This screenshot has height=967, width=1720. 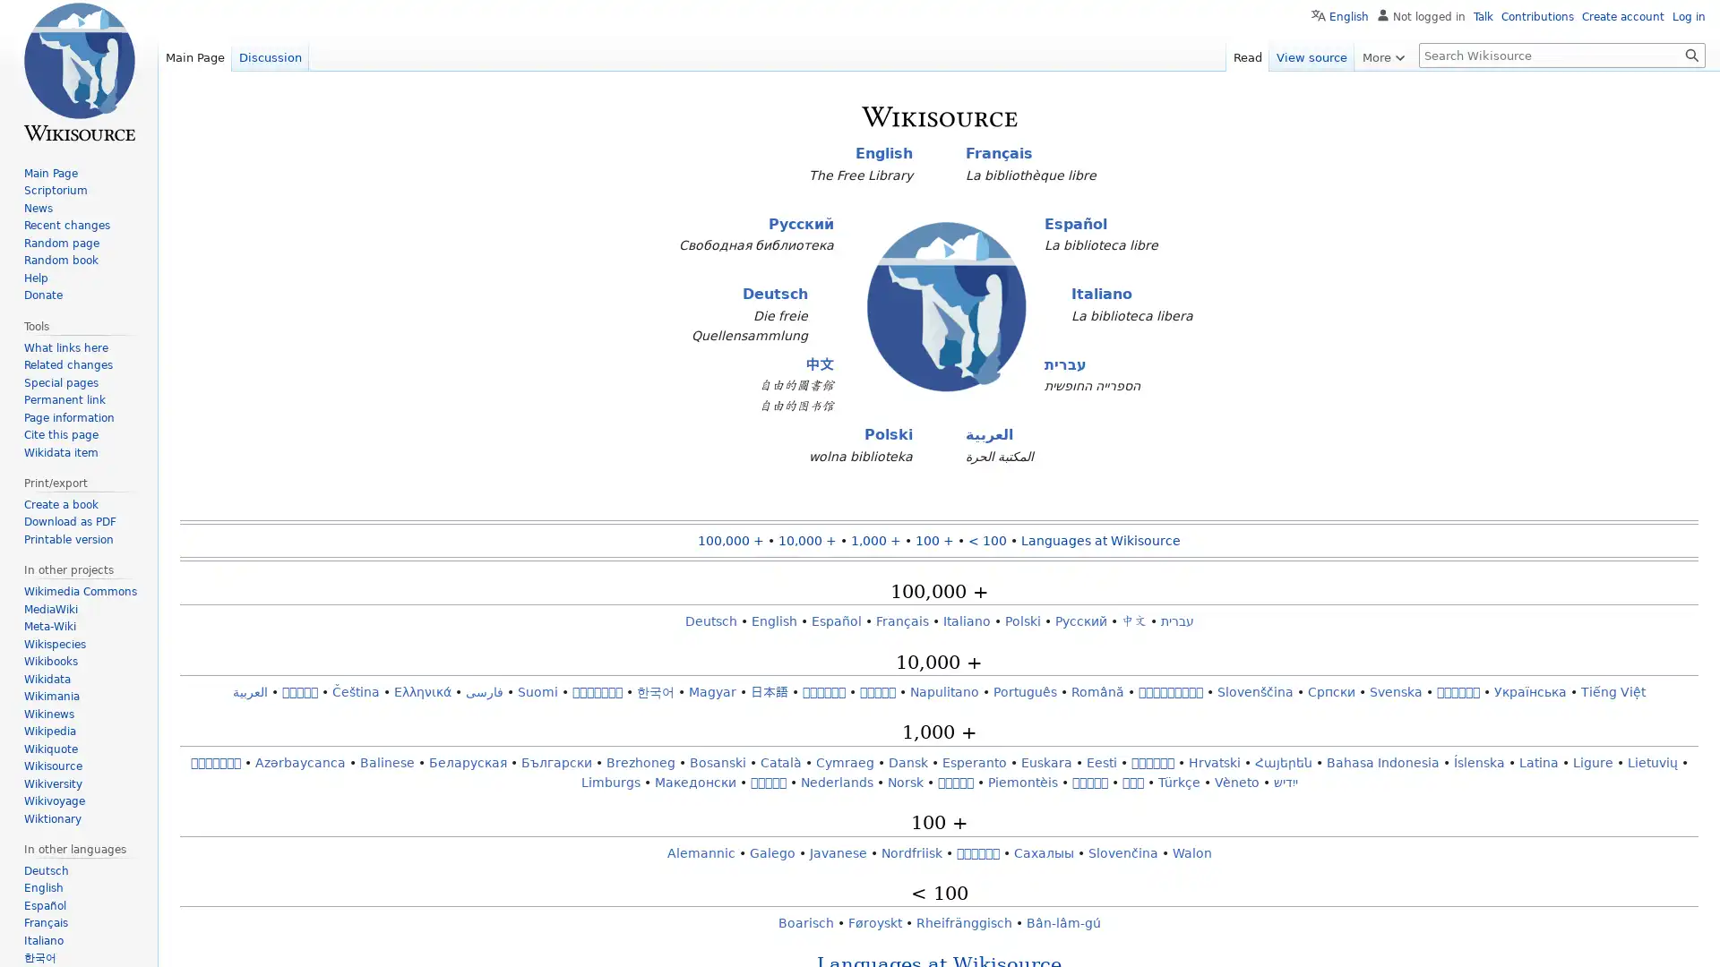 I want to click on Search, so click(x=1691, y=54).